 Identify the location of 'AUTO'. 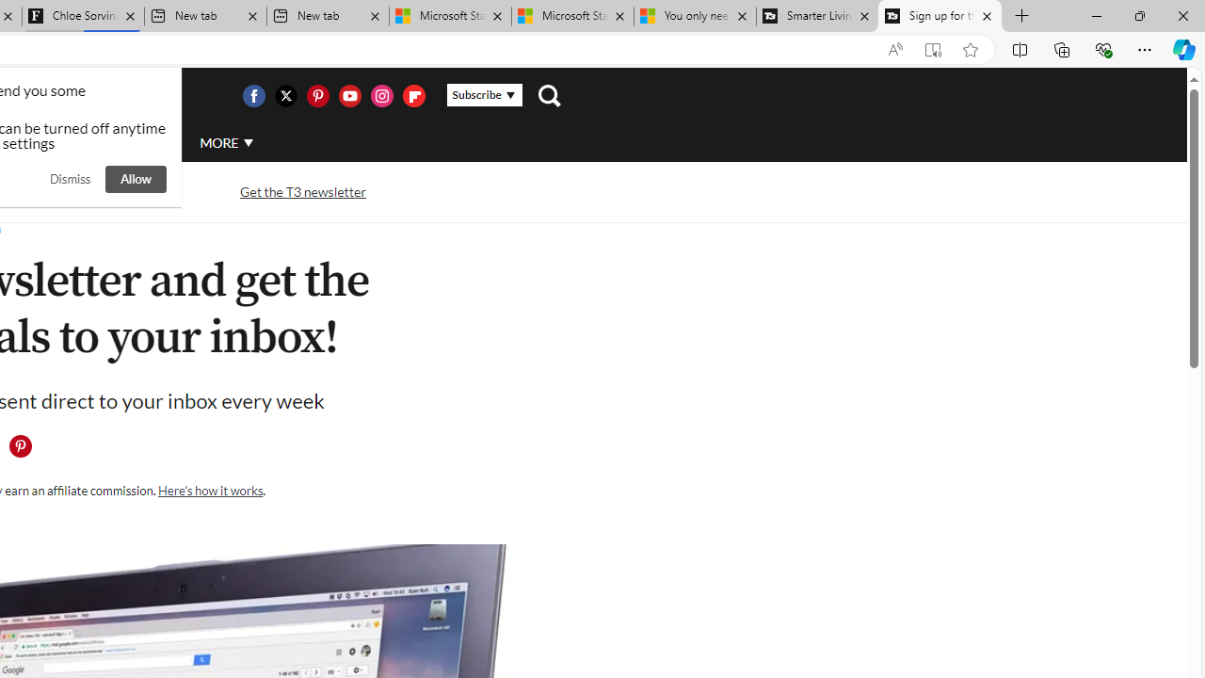
(143, 141).